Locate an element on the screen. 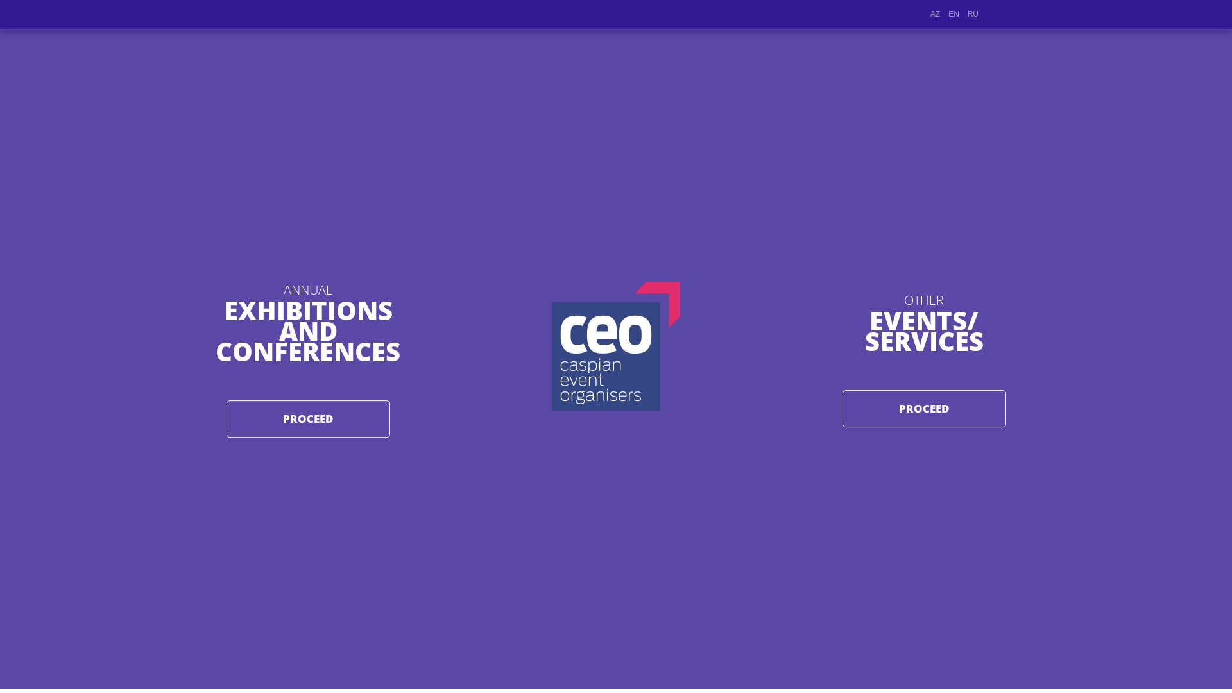  'AZ' is located at coordinates (935, 14).